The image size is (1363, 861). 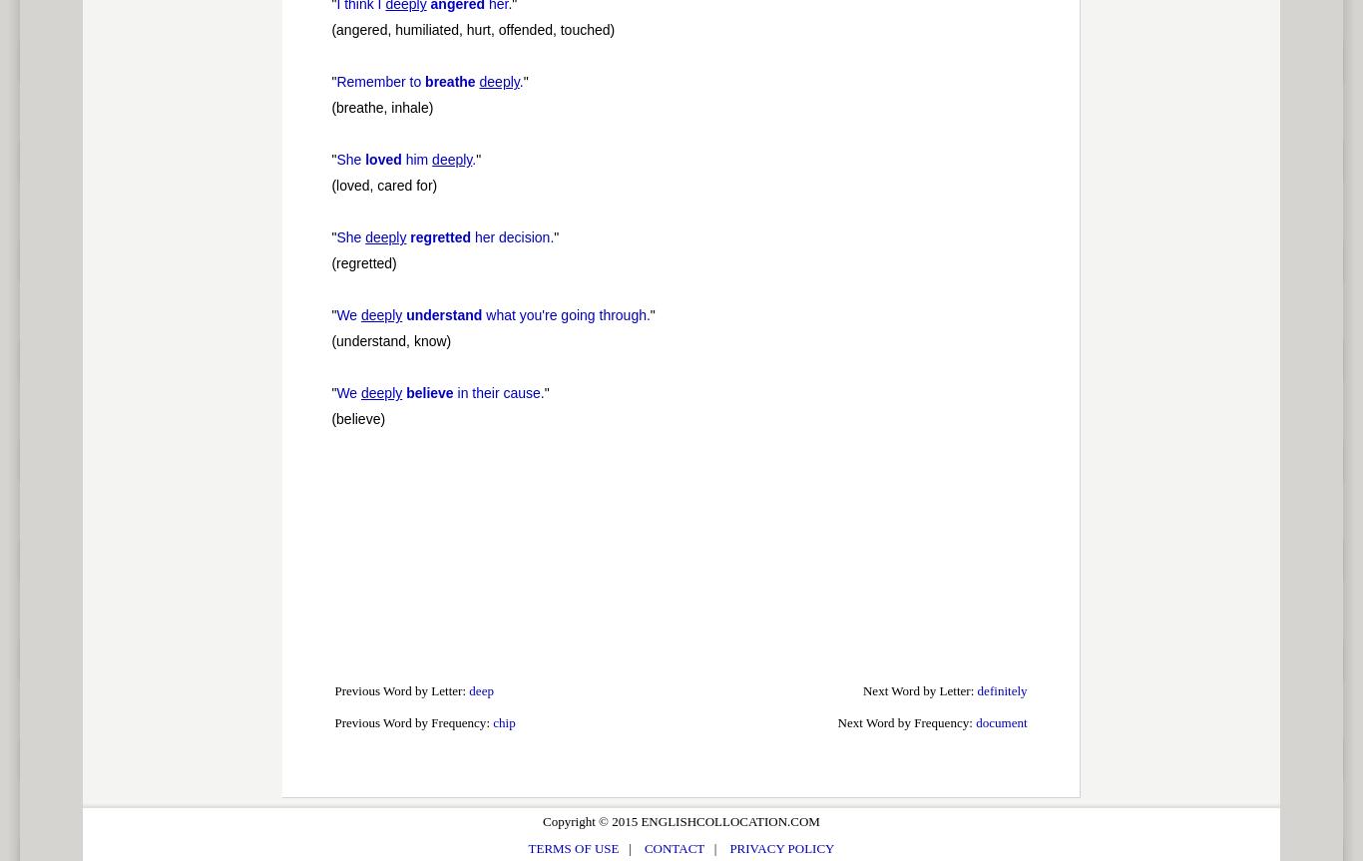 What do you see at coordinates (481, 690) in the screenshot?
I see `'deep'` at bounding box center [481, 690].